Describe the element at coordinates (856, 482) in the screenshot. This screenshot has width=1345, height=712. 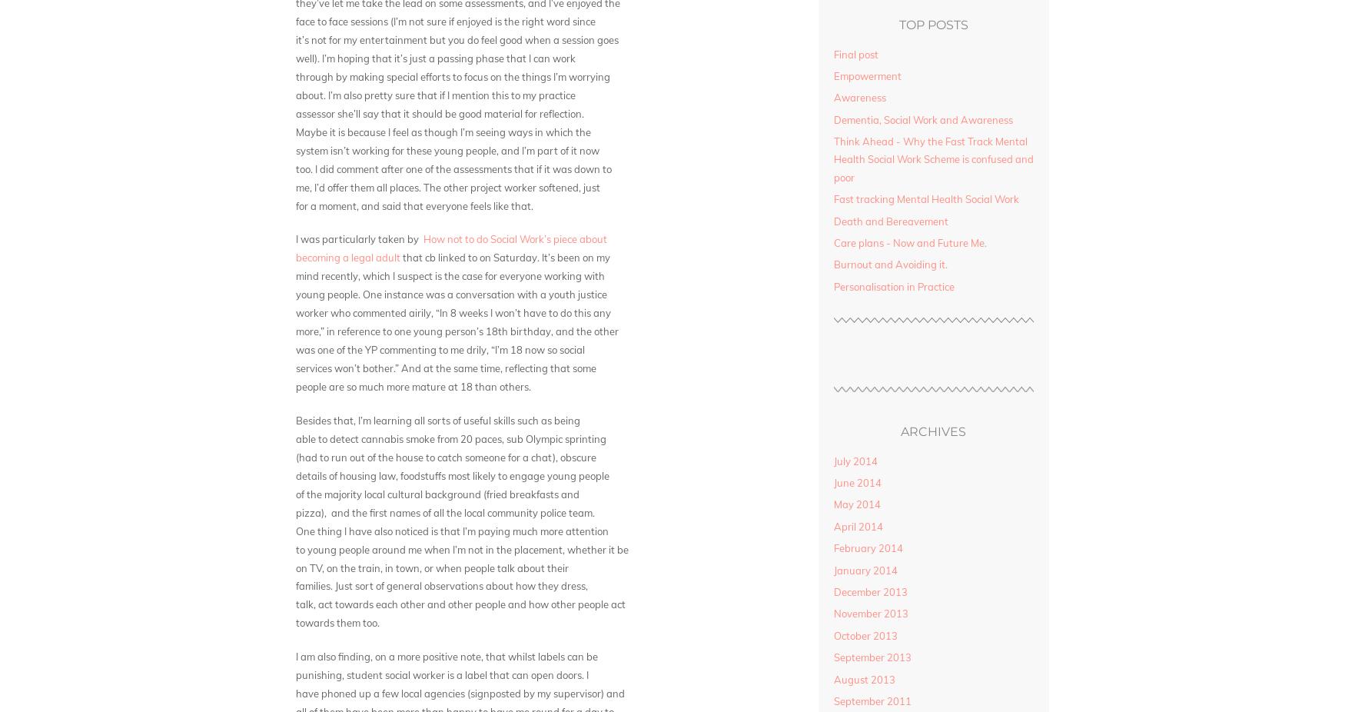
I see `'June 2014'` at that location.